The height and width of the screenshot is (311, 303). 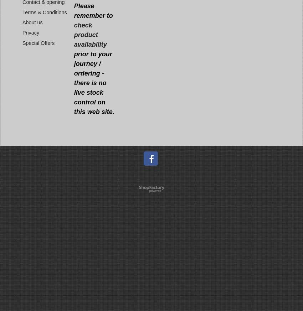 I want to click on 'To create online store ShopFactory eCommerce software was used.', so click(x=132, y=191).